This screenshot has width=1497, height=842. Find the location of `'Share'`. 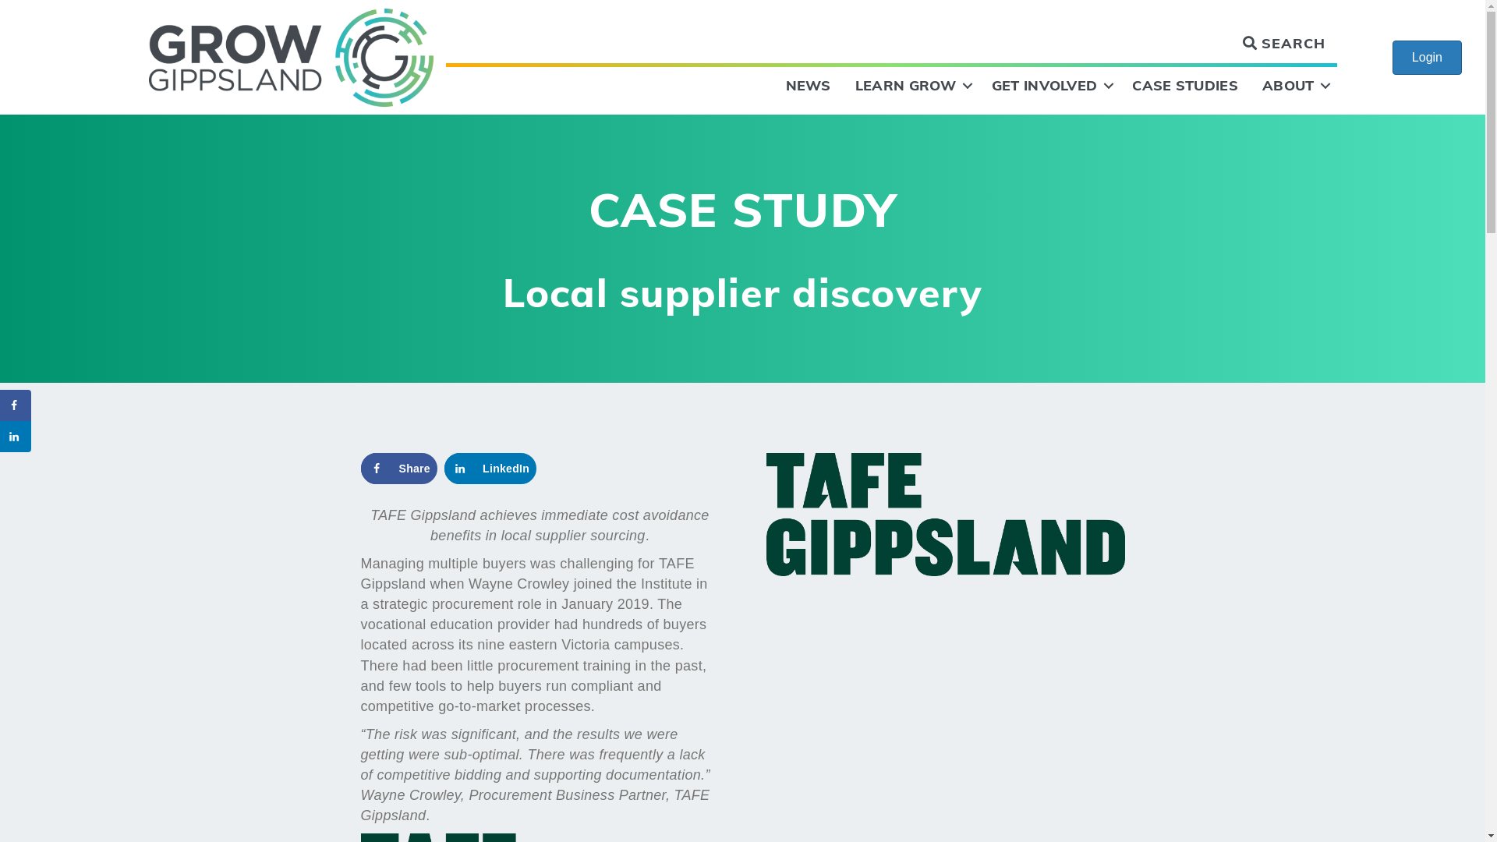

'Share' is located at coordinates (398, 468).